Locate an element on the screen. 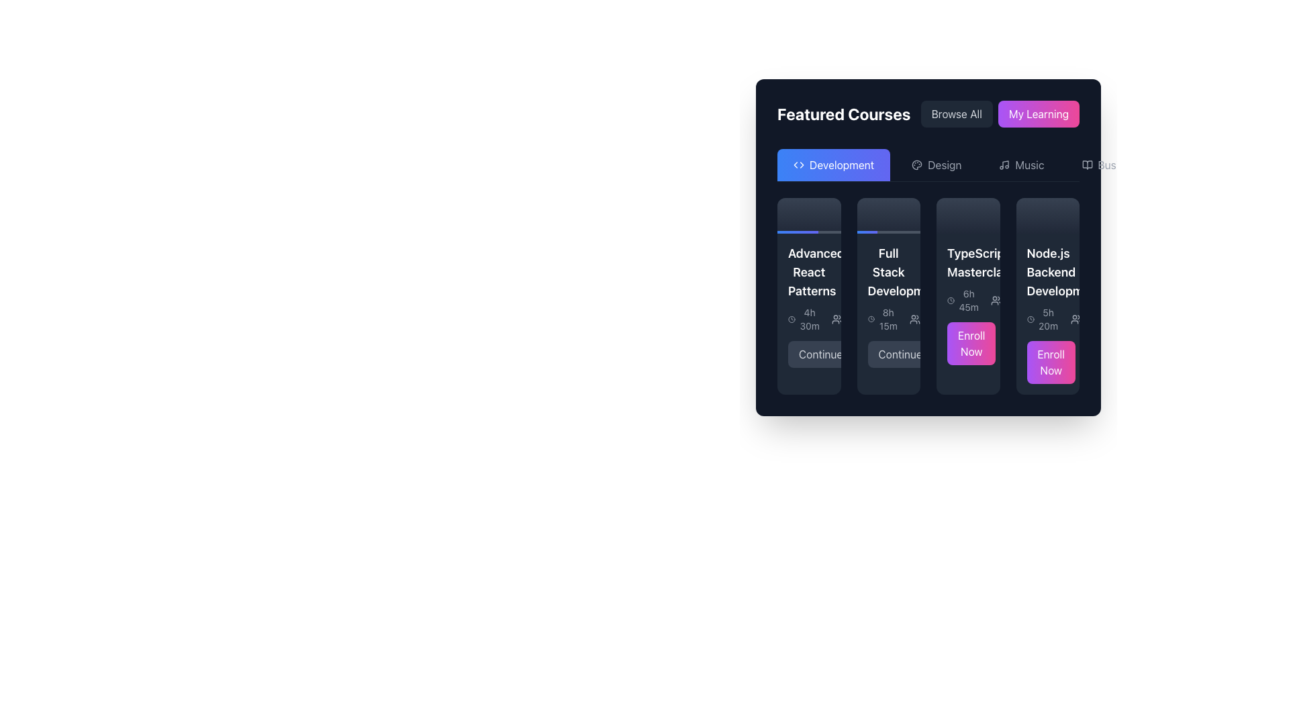  the 'Music' button, which is the third button in the horizontal navigation bar is located at coordinates (1020, 164).